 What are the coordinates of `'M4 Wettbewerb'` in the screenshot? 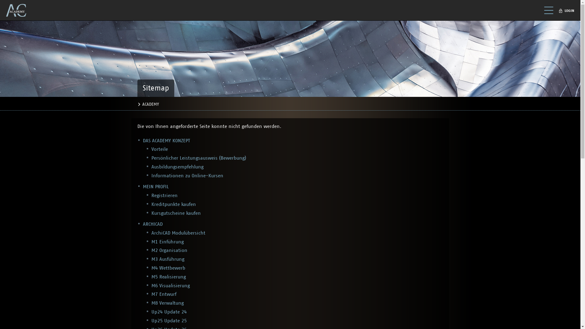 It's located at (168, 267).